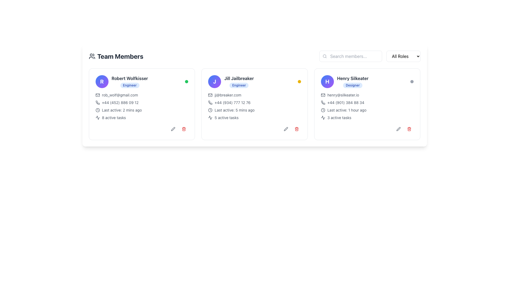 This screenshot has height=291, width=517. What do you see at coordinates (353, 82) in the screenshot?
I see `the text label group displaying 'Henry Silkeater' and 'Designer' in the rightmost card layout` at bounding box center [353, 82].